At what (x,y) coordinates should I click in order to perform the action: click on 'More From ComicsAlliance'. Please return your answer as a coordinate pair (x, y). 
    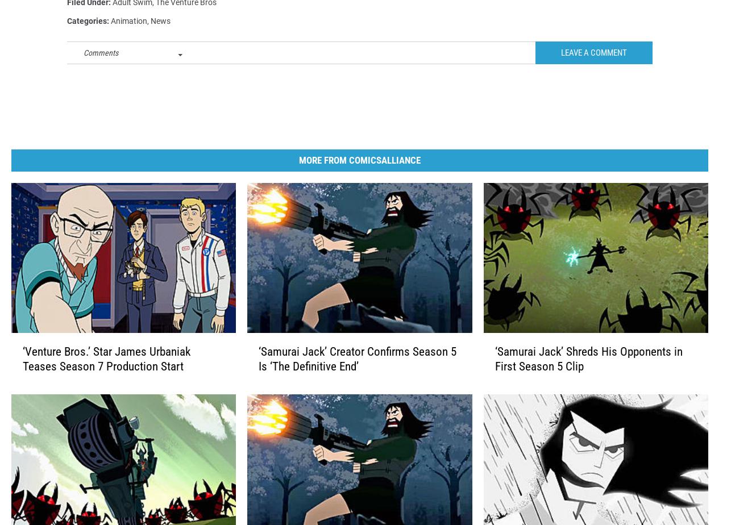
    Looking at the image, I should click on (298, 178).